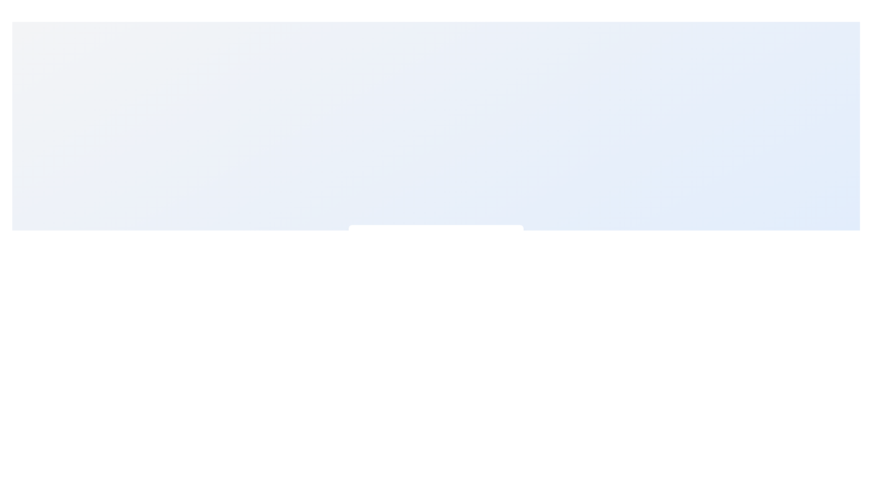 Image resolution: width=875 pixels, height=492 pixels. I want to click on the decorative circle, which serves as a central symbolic component among its graphical siblings, so click(415, 290).